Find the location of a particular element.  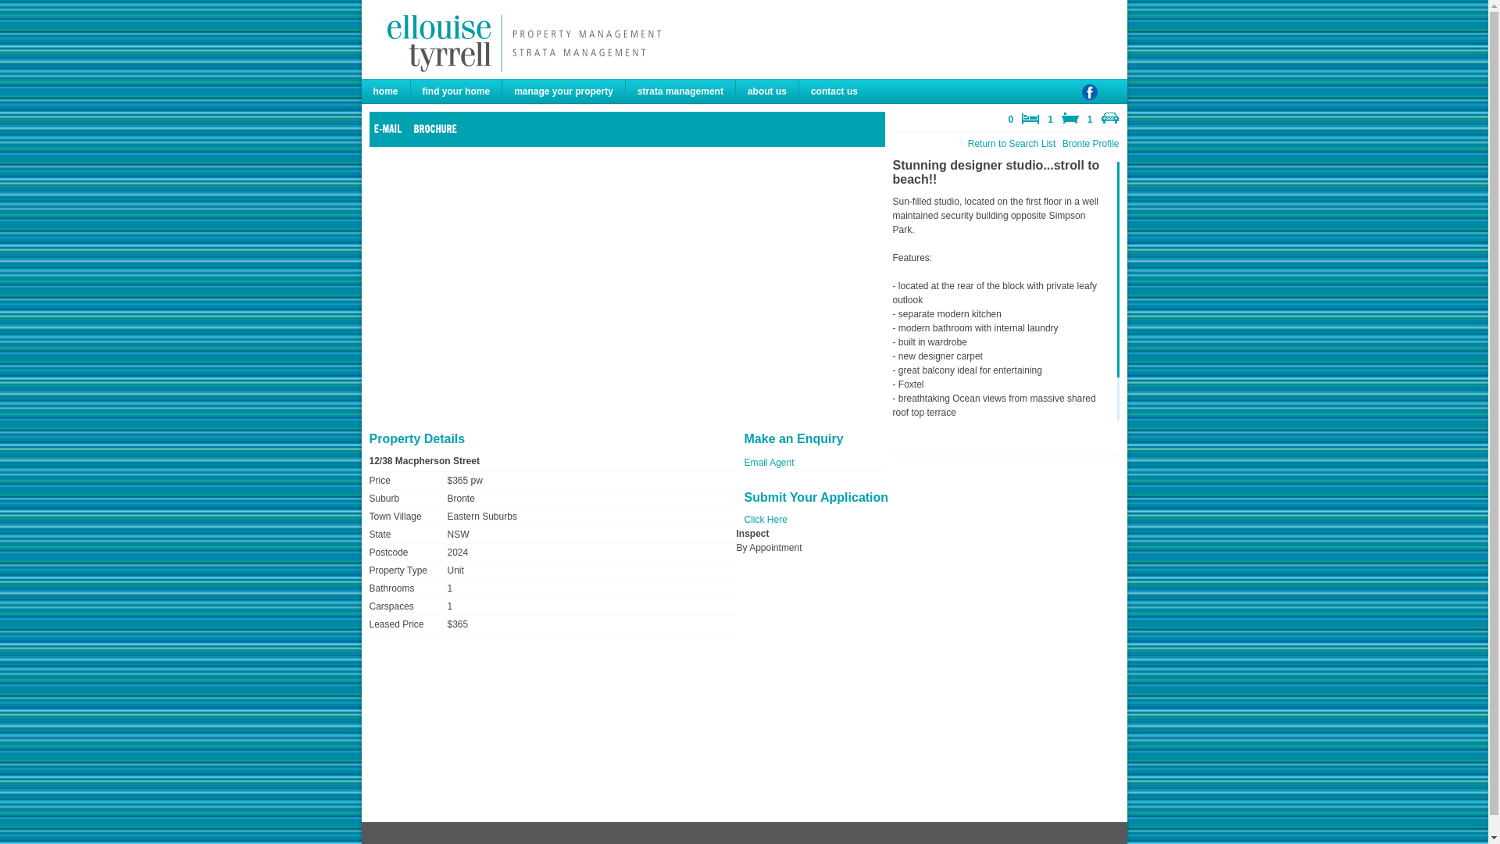

'Return to Search List' is located at coordinates (966, 144).